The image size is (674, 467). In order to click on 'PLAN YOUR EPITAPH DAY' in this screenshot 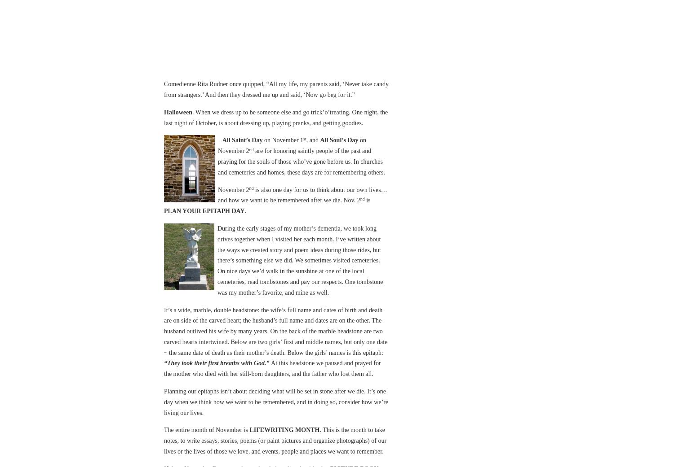, I will do `click(204, 210)`.